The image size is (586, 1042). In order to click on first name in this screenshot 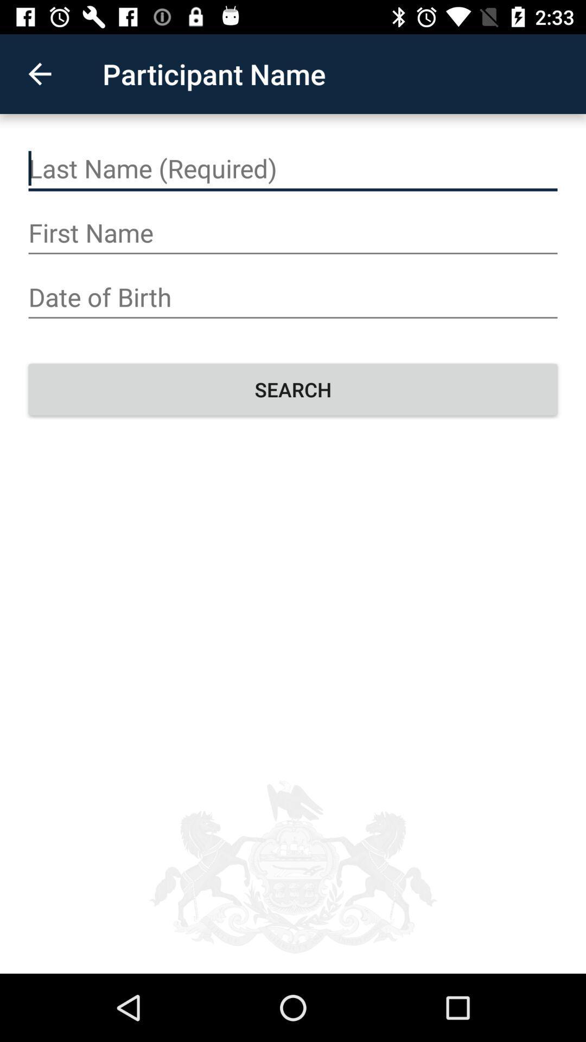, I will do `click(293, 232)`.